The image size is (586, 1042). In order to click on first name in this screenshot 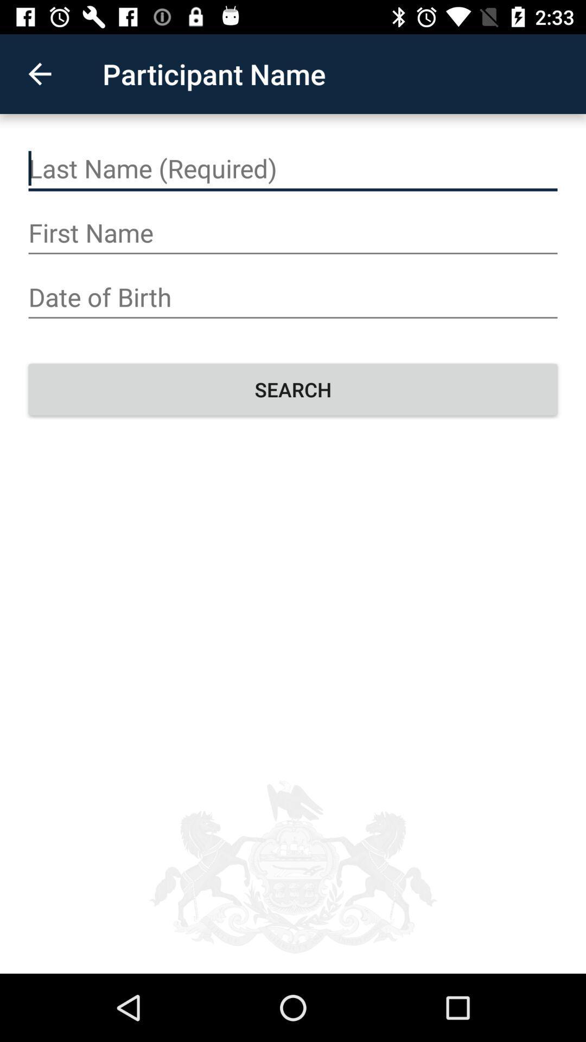, I will do `click(293, 232)`.